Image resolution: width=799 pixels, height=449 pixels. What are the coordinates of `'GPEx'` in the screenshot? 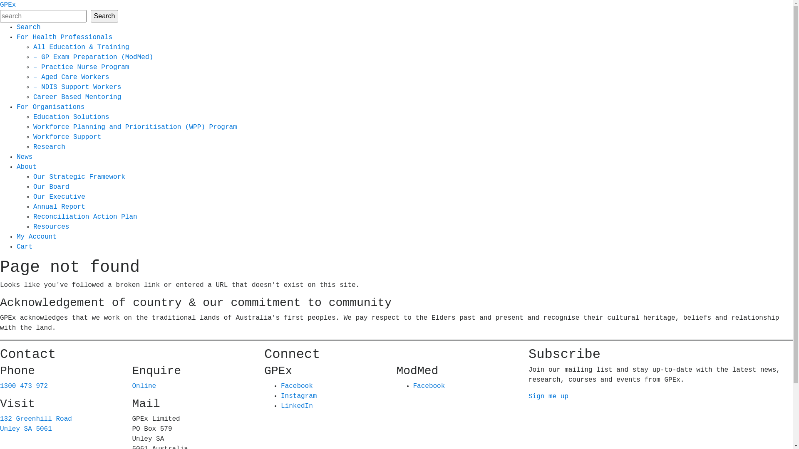 It's located at (8, 5).